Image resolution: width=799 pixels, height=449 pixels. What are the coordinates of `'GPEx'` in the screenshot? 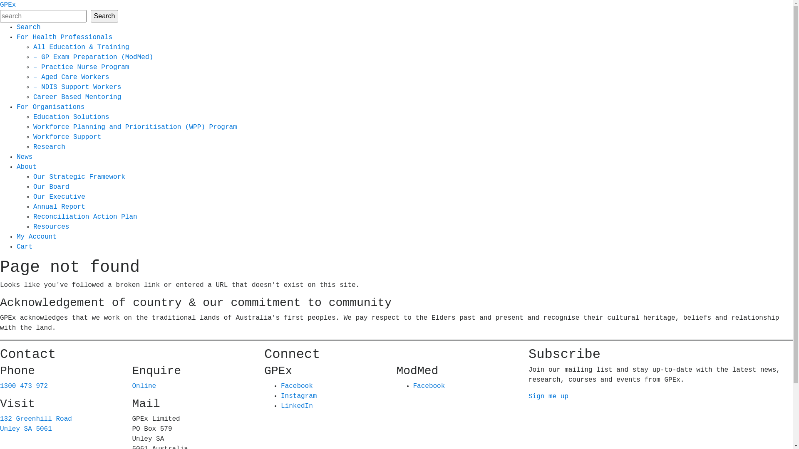 It's located at (8, 5).